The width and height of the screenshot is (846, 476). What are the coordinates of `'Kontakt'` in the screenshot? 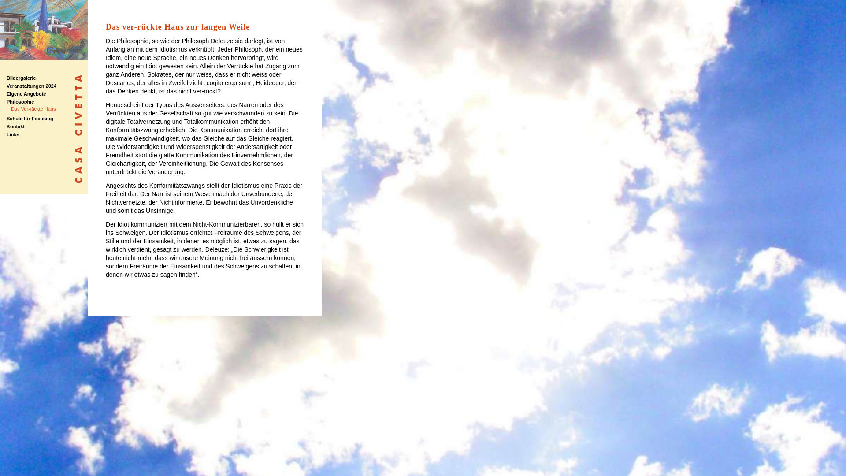 It's located at (15, 126).